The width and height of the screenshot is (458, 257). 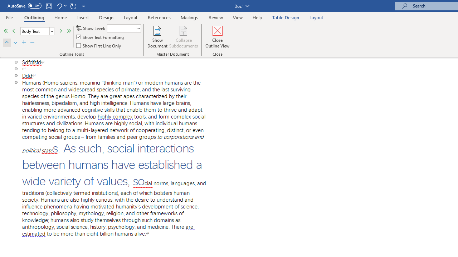 I want to click on 'Outlining', so click(x=34, y=17).